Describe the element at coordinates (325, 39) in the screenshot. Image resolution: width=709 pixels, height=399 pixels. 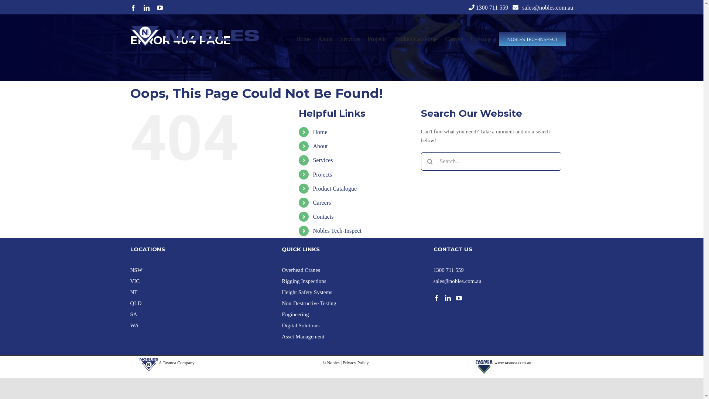
I see `'About'` at that location.